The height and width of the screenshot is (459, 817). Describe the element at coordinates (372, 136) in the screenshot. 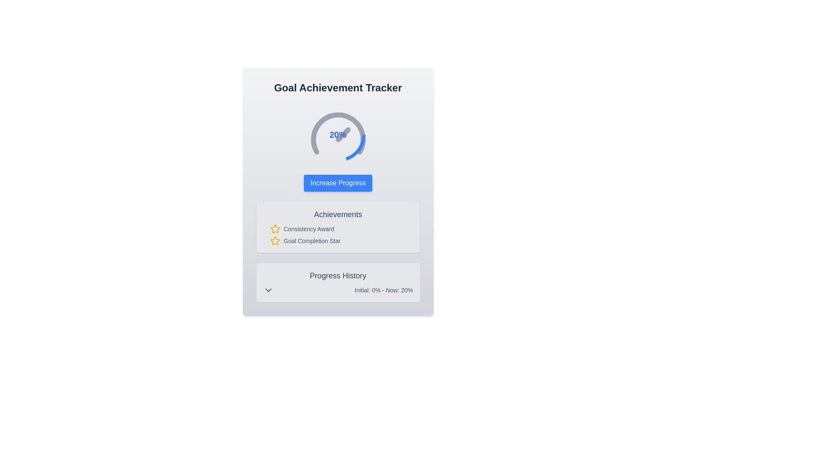

I see `the Circular Progress Indicator which visually represents 20% completion, located in the 'Goal Achievement Tracker' section, to the left of the 'Increase Progress' button` at that location.